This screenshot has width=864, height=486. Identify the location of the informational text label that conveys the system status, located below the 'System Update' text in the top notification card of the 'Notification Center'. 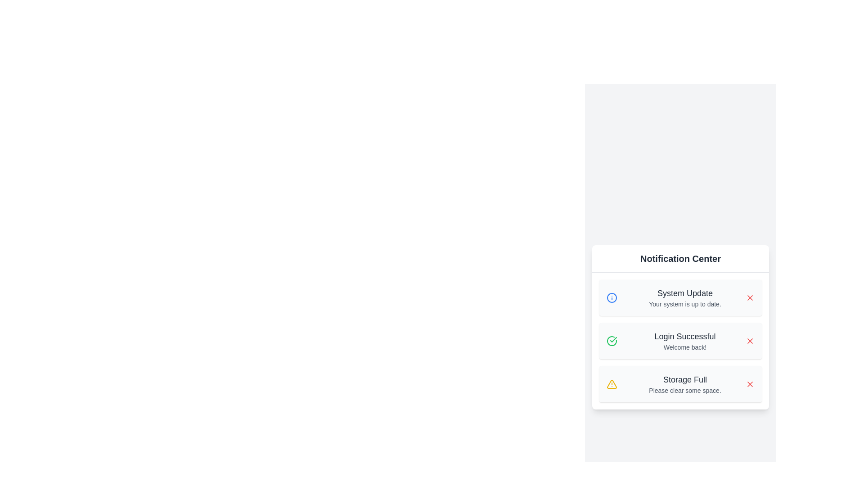
(684, 304).